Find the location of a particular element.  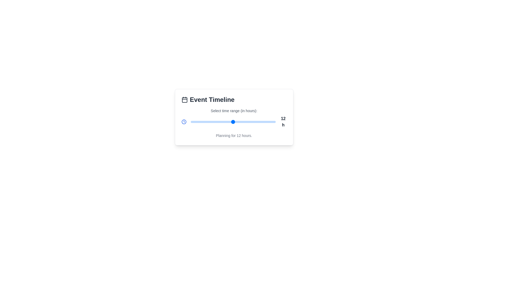

the number of hours is located at coordinates (254, 122).